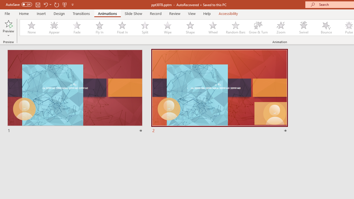 This screenshot has width=354, height=199. I want to click on 'Wipe', so click(167, 28).